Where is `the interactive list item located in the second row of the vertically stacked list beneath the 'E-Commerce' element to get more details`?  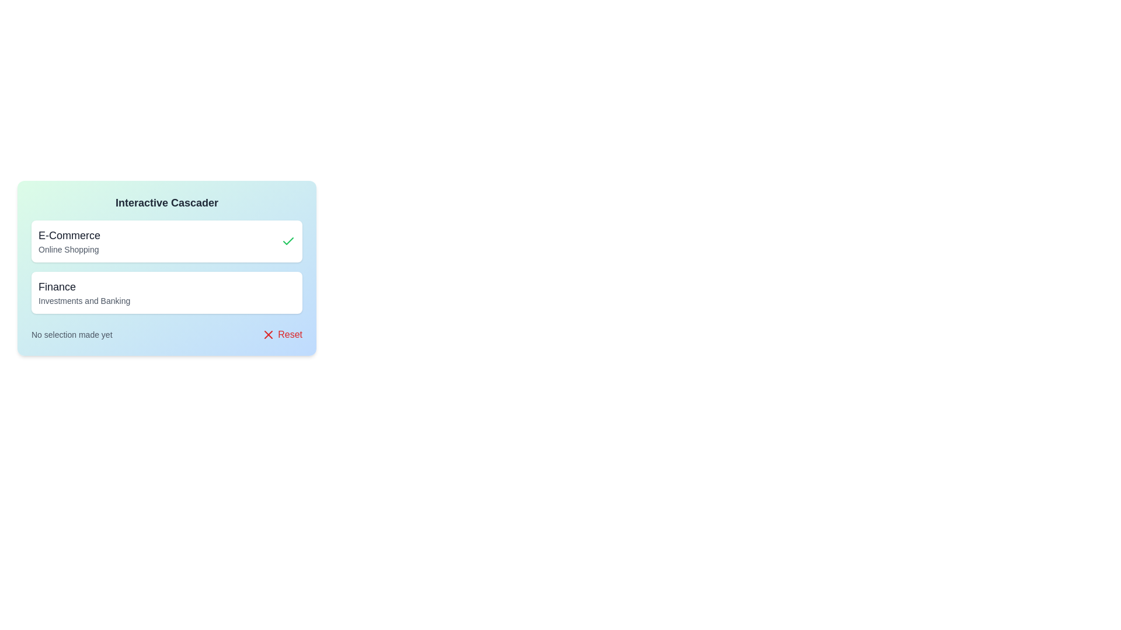 the interactive list item located in the second row of the vertically stacked list beneath the 'E-Commerce' element to get more details is located at coordinates (166, 292).